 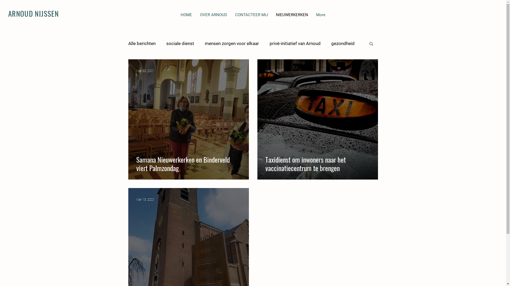 What do you see at coordinates (214, 17) in the screenshot?
I see `'OVER ARNOUD'` at bounding box center [214, 17].